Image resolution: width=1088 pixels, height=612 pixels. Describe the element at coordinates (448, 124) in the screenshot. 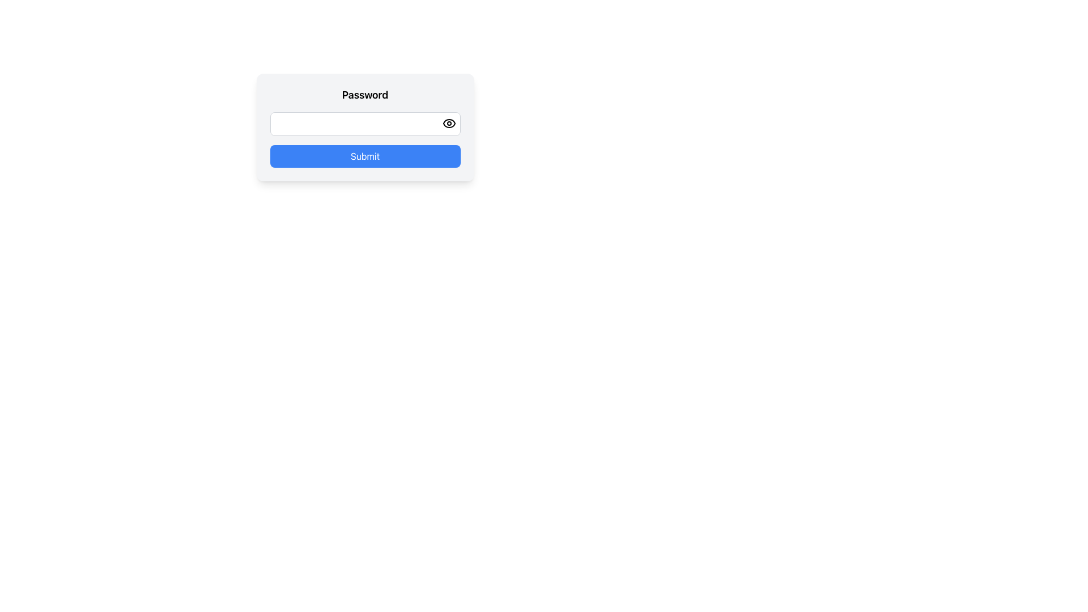

I see `the eye icon, which is styled in black and outlined, located in the top-right corner of the password input field` at that location.